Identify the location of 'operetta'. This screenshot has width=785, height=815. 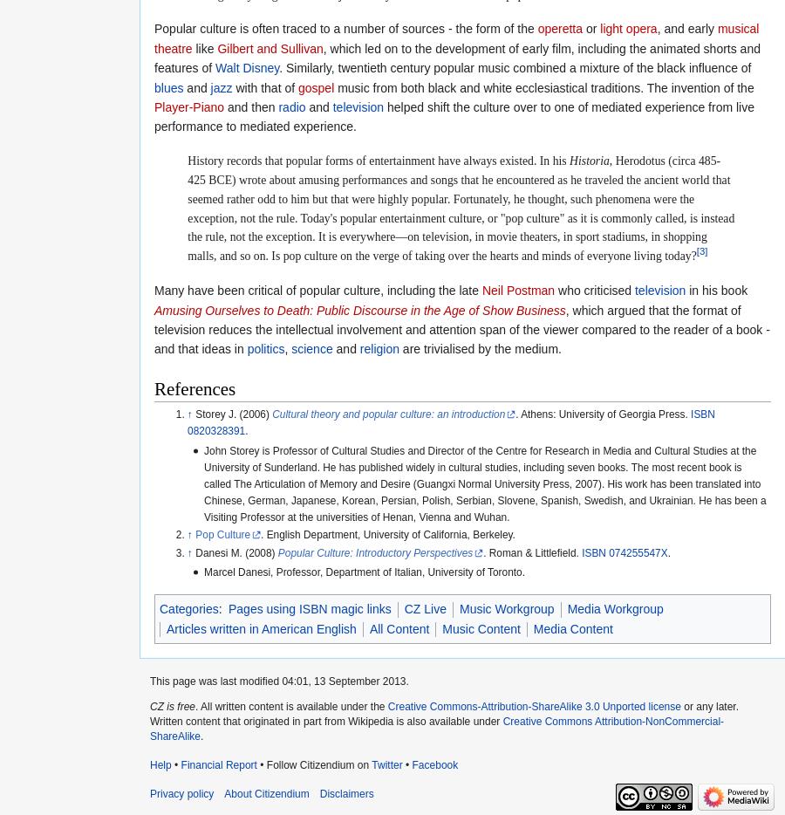
(559, 27).